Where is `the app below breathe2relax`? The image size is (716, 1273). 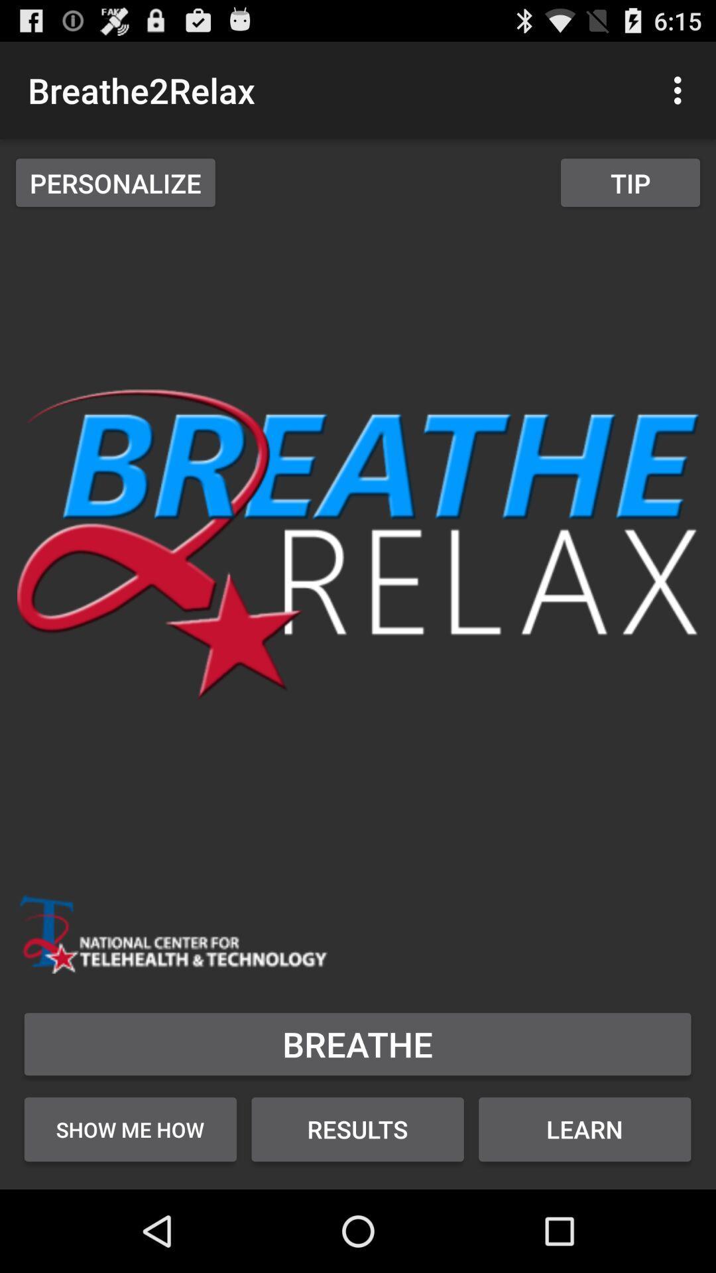 the app below breathe2relax is located at coordinates (115, 182).